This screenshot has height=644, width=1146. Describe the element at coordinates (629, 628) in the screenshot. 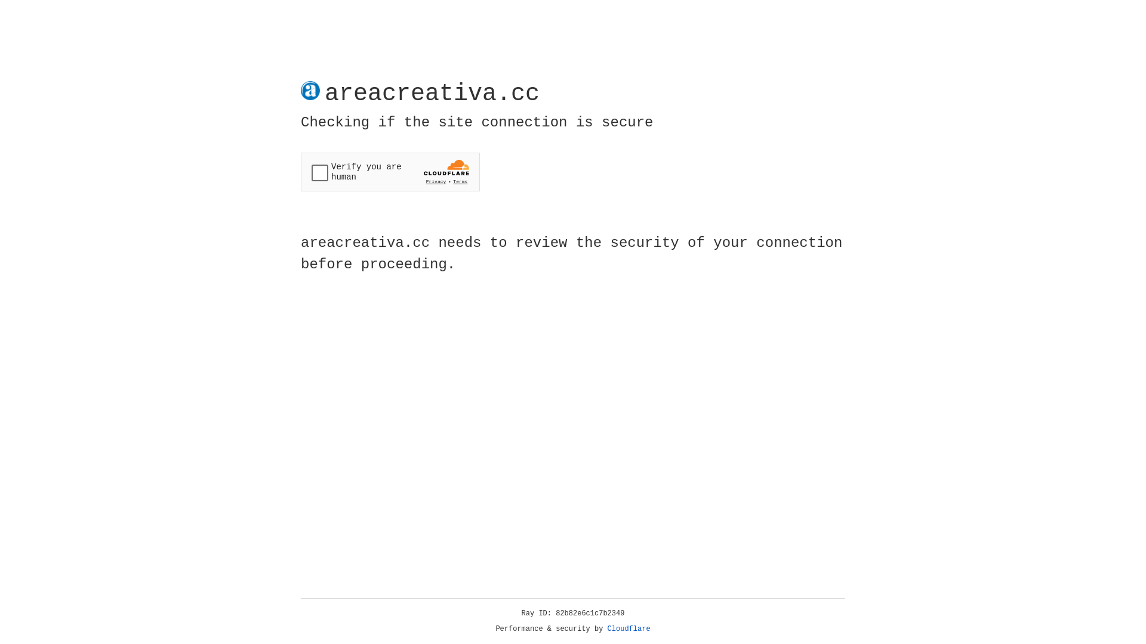

I see `'Cloudflare'` at that location.